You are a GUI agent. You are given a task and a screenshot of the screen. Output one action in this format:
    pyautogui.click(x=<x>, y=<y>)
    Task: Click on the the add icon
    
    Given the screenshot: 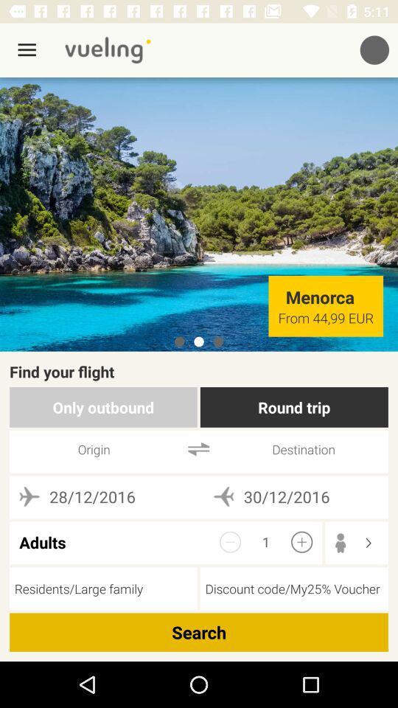 What is the action you would take?
    pyautogui.click(x=301, y=541)
    